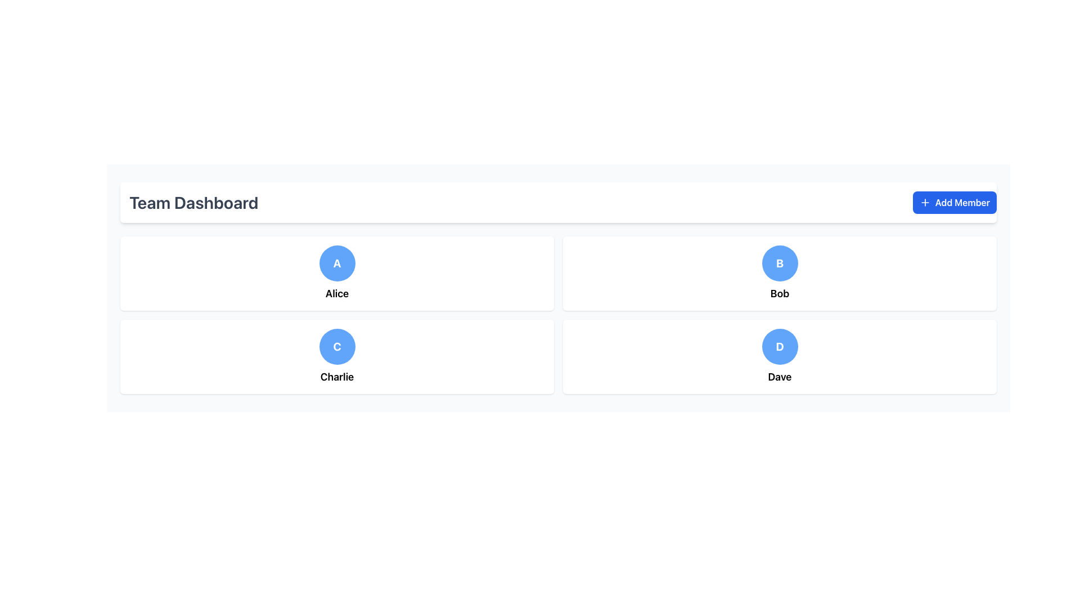  Describe the element at coordinates (336, 356) in the screenshot. I see `the information displayed on the Profile Card that showcases a letter icon and a name, located in the second row's first column of the grid layout` at that location.